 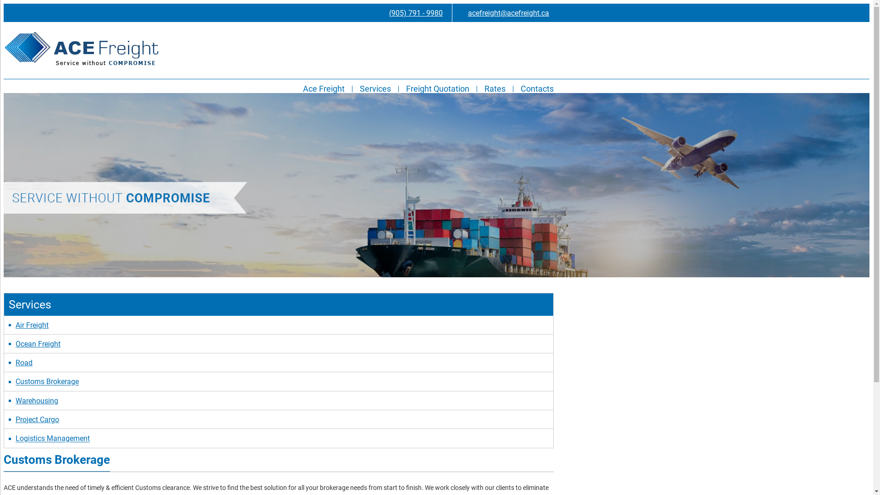 What do you see at coordinates (537, 88) in the screenshot?
I see `'Contacts'` at bounding box center [537, 88].